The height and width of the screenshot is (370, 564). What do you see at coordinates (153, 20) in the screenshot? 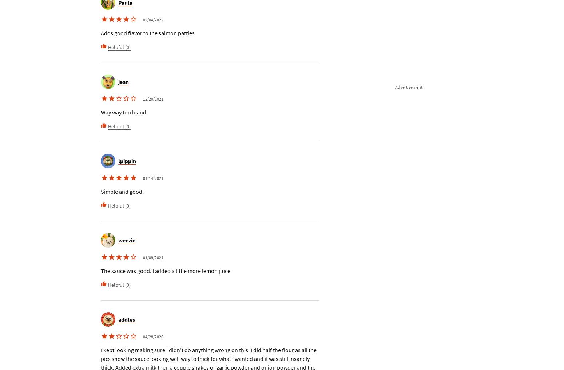
I see `'02/04/2022'` at bounding box center [153, 20].